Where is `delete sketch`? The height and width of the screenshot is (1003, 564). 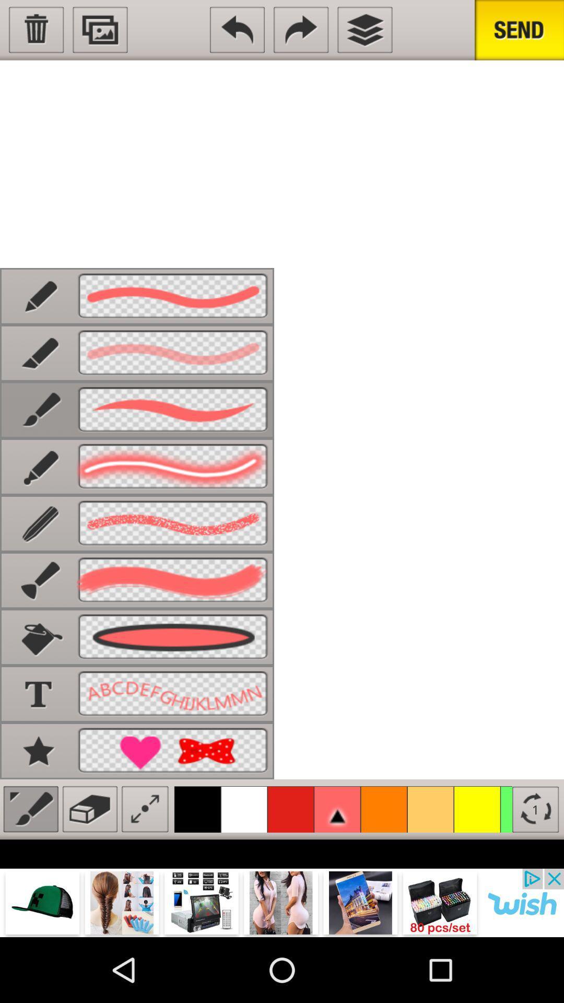 delete sketch is located at coordinates (36, 30).